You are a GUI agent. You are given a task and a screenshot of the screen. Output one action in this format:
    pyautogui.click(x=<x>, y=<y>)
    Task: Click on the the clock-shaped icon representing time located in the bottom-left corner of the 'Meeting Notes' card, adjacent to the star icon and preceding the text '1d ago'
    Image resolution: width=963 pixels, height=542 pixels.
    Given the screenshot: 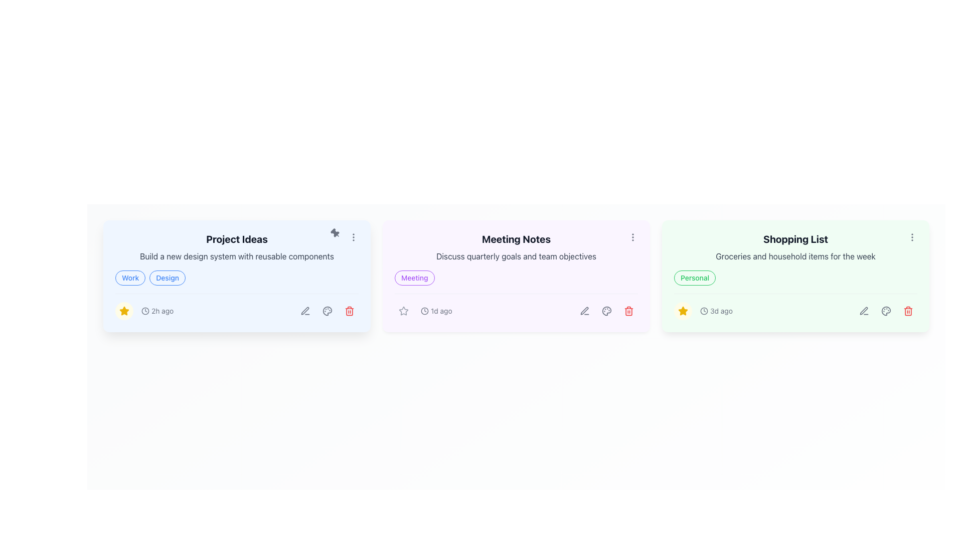 What is the action you would take?
    pyautogui.click(x=424, y=311)
    